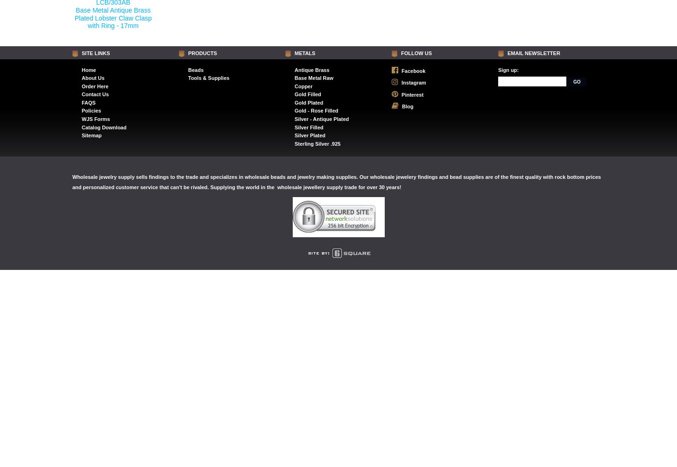 This screenshot has width=677, height=467. I want to click on 'Sterling Silver .925', so click(317, 143).